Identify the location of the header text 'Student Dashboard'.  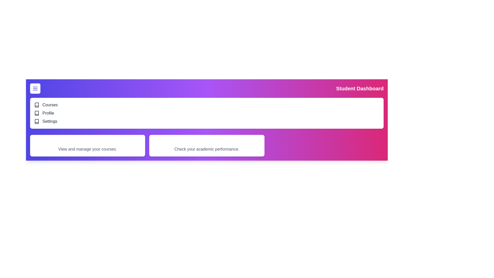
(359, 88).